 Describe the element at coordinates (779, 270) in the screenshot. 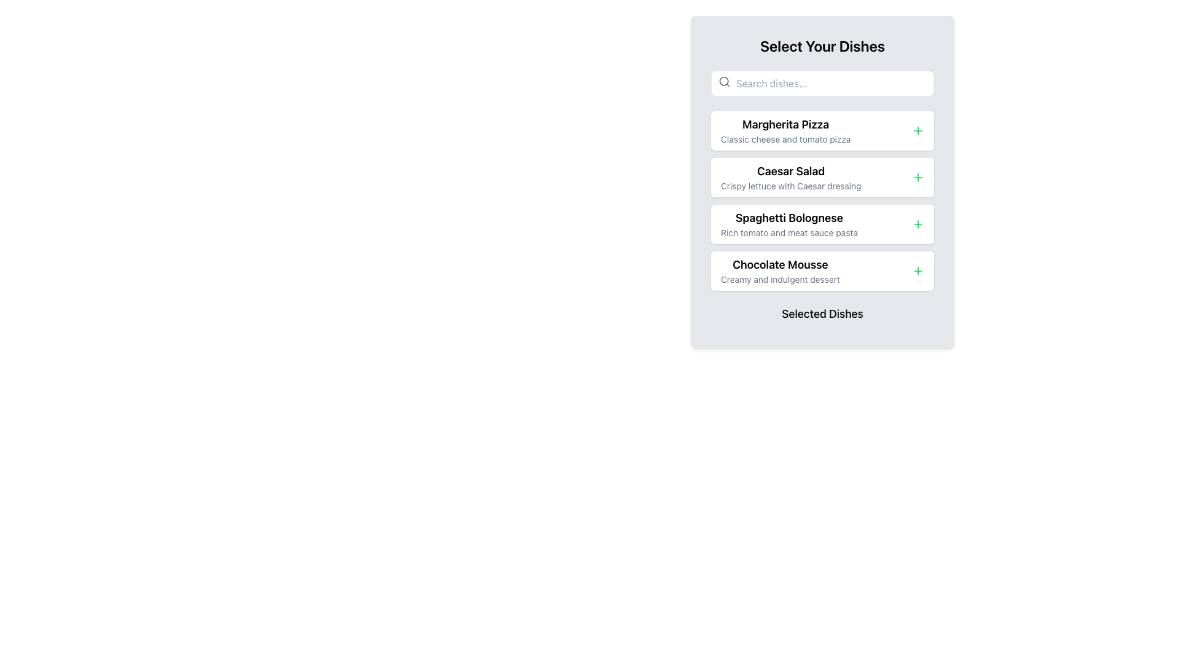

I see `to select the 'Chocolate Mousse' dish from the list of selectable dishes, which is the third visible item located below 'Spaghetti Bolognese'` at that location.